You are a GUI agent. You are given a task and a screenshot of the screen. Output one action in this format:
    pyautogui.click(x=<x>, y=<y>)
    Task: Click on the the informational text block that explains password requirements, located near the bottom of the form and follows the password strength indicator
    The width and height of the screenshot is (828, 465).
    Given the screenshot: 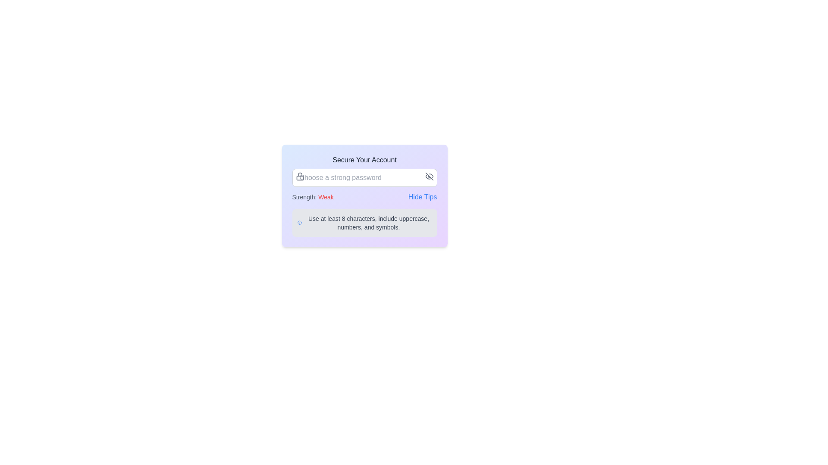 What is the action you would take?
    pyautogui.click(x=364, y=222)
    